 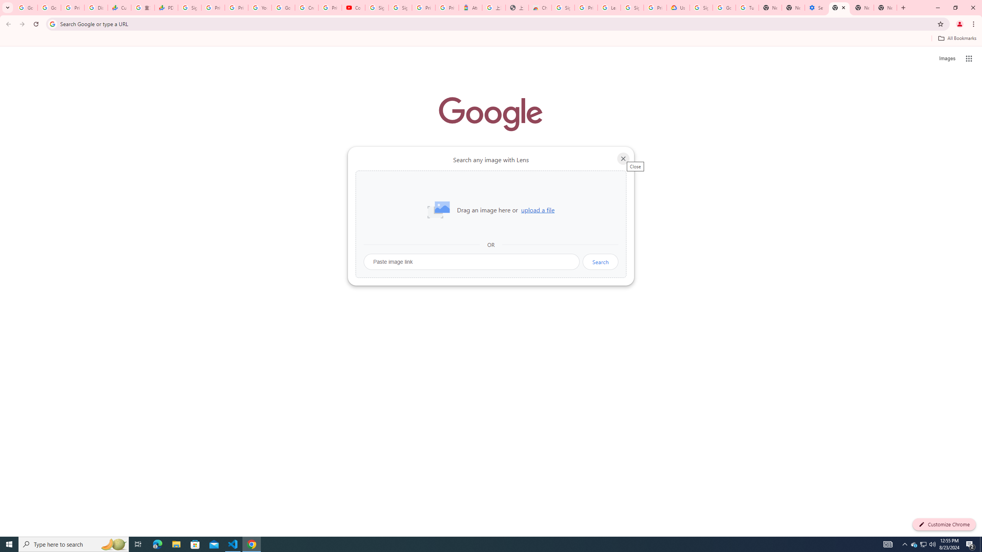 I want to click on 'Sign in - Google Accounts', so click(x=376, y=7).